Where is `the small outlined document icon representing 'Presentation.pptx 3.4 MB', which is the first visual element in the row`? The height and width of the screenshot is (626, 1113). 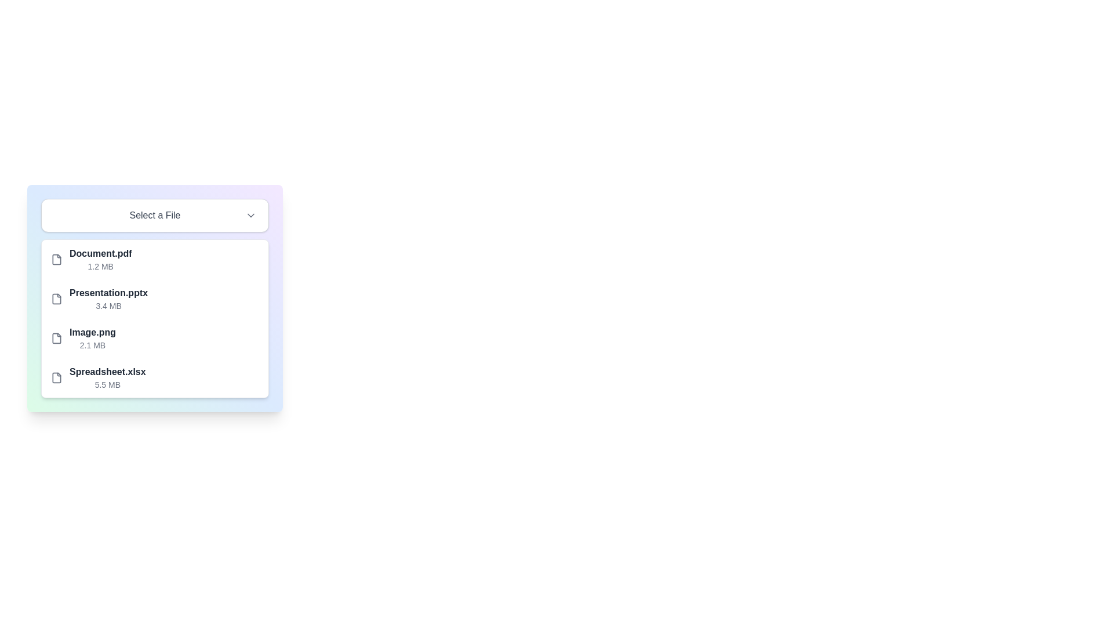 the small outlined document icon representing 'Presentation.pptx 3.4 MB', which is the first visual element in the row is located at coordinates (56, 299).